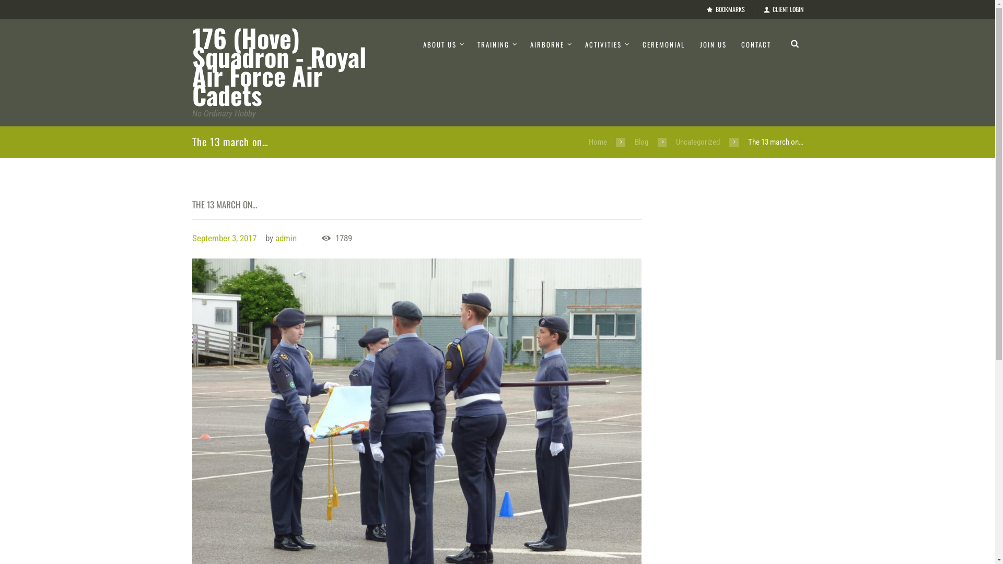  Describe the element at coordinates (712, 44) in the screenshot. I see `'JOIN US'` at that location.